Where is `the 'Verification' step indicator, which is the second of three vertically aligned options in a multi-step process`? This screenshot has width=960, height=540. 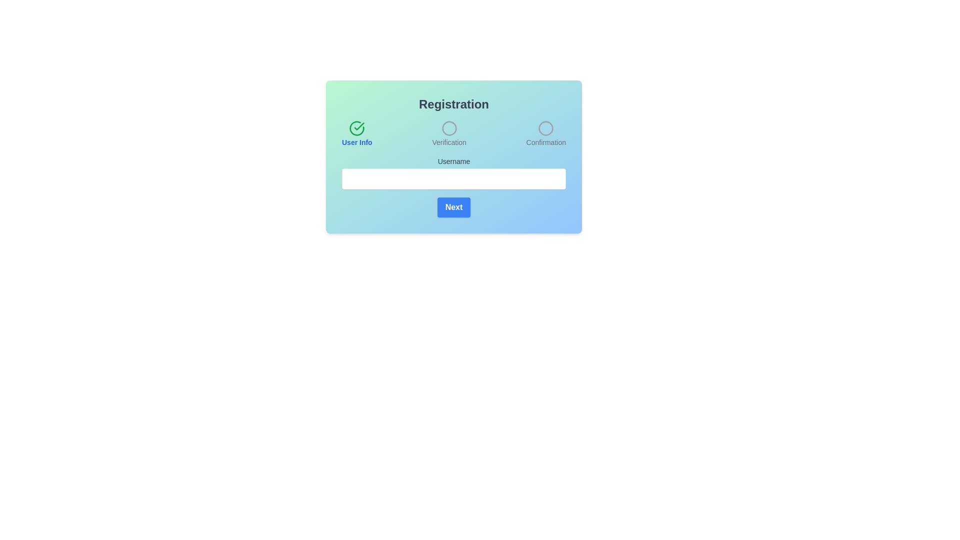 the 'Verification' step indicator, which is the second of three vertically aligned options in a multi-step process is located at coordinates (448, 134).